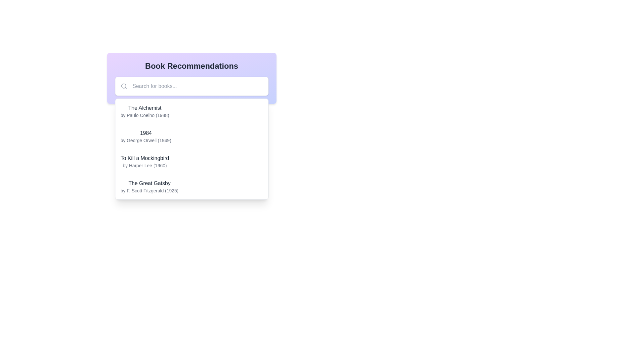 The width and height of the screenshot is (635, 357). I want to click on the text snippet styled in small size and light gray color reading 'by F. Scott Fitzgerald (1925)', which appears below the main title 'The Great Gatsby' in the book recommendation list, so click(149, 191).